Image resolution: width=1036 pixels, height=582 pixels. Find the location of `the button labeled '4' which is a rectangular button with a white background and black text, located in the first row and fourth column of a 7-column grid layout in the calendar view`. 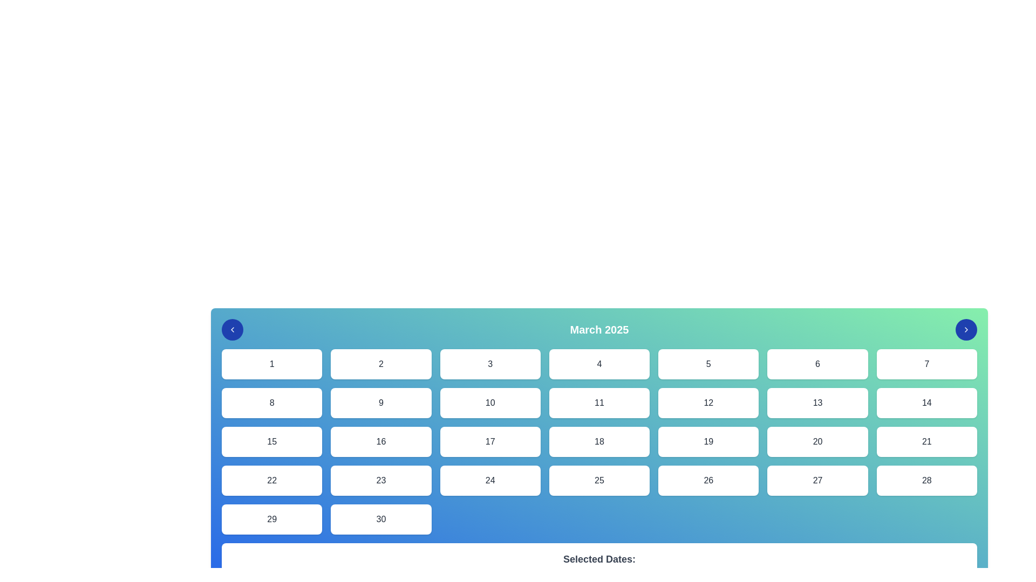

the button labeled '4' which is a rectangular button with a white background and black text, located in the first row and fourth column of a 7-column grid layout in the calendar view is located at coordinates (598, 364).